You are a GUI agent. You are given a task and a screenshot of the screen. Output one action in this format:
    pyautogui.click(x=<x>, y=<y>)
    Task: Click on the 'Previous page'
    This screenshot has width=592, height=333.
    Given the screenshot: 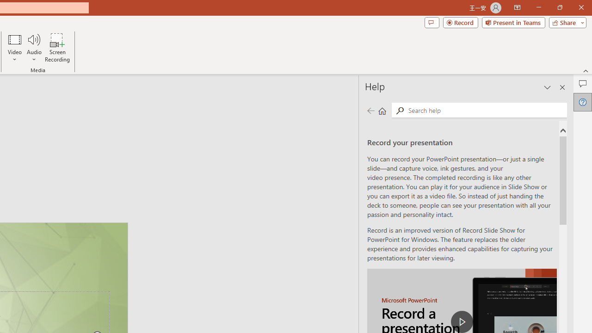 What is the action you would take?
    pyautogui.click(x=370, y=110)
    